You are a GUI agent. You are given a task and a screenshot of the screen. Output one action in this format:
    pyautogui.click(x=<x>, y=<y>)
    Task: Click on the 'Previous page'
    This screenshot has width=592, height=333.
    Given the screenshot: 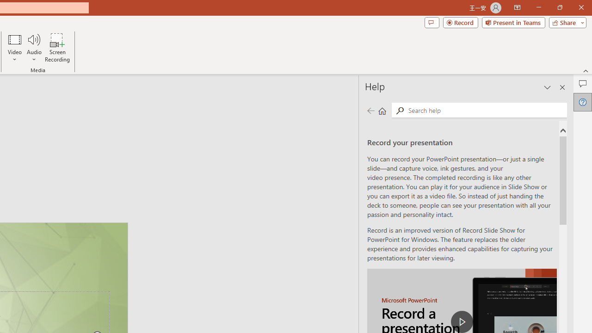 What is the action you would take?
    pyautogui.click(x=370, y=110)
    